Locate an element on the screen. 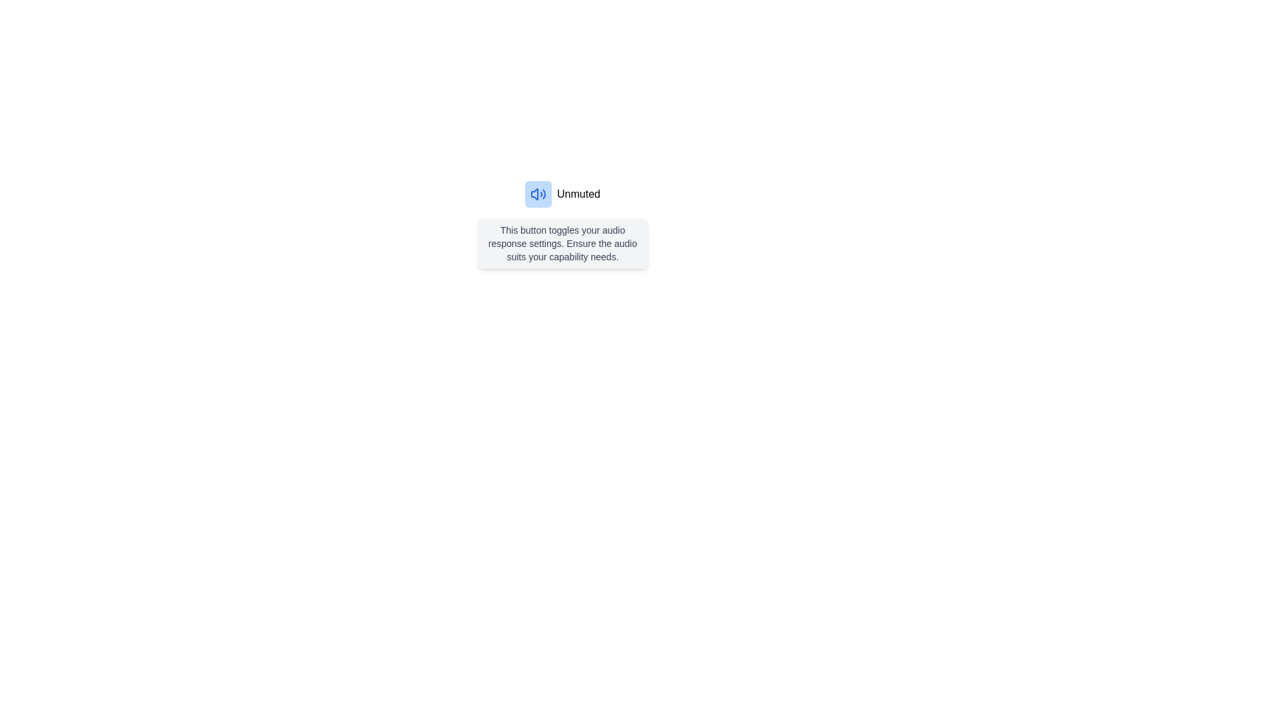  the leftmost part of the blue-colored speaker icon that represents the speaker cone in the SVG icon above the text 'Unmuted' is located at coordinates (534, 194).